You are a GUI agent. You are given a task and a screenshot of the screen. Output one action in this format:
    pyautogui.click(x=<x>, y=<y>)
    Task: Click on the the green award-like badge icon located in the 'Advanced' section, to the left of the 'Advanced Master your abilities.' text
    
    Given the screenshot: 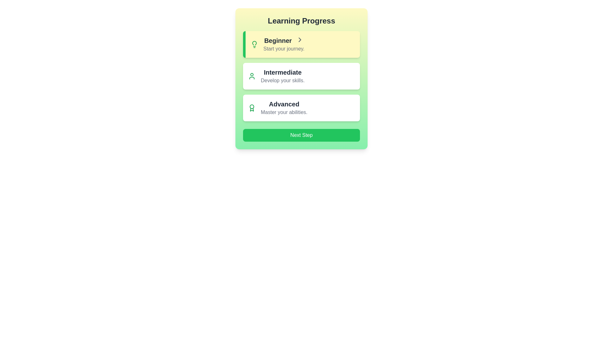 What is the action you would take?
    pyautogui.click(x=251, y=107)
    